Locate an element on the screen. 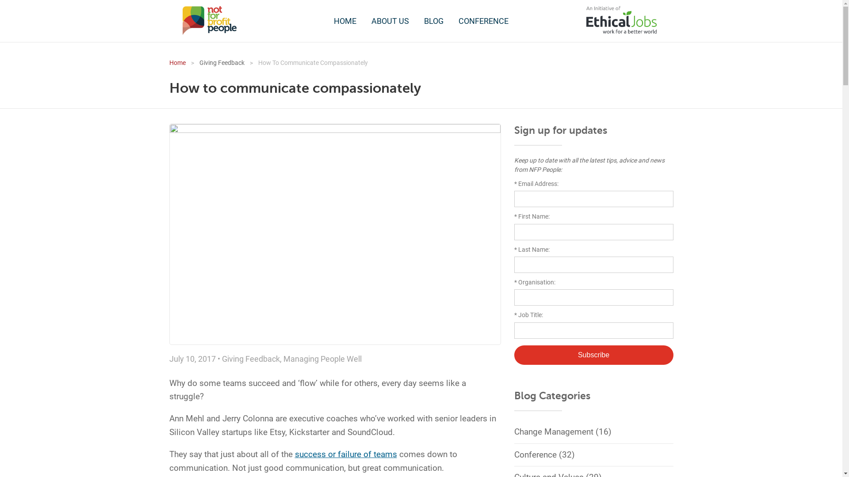  'Subscribe' is located at coordinates (593, 354).